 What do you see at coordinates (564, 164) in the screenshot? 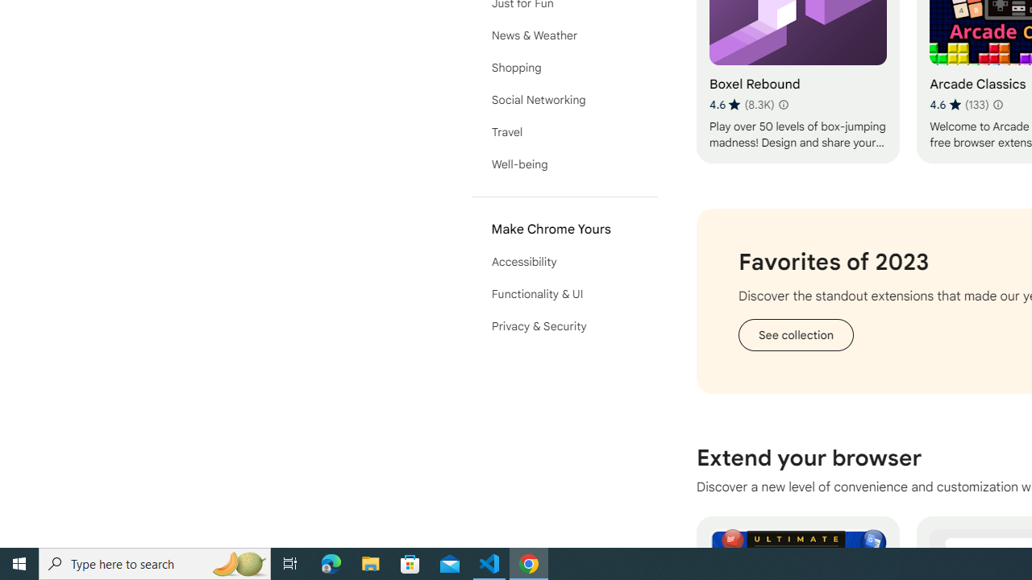
I see `'Well-being'` at bounding box center [564, 164].